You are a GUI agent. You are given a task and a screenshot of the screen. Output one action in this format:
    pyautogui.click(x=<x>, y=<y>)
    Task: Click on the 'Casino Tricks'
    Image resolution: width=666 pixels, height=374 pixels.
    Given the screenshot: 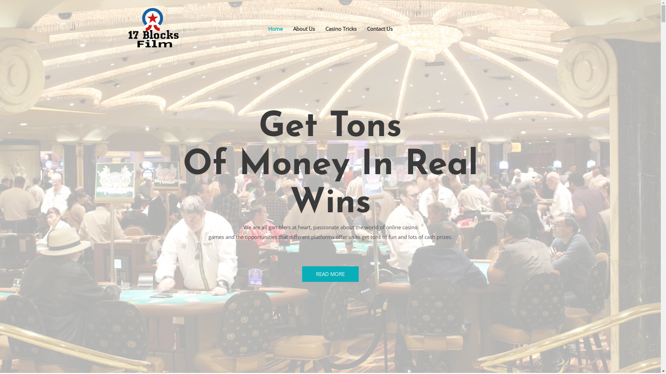 What is the action you would take?
    pyautogui.click(x=341, y=28)
    